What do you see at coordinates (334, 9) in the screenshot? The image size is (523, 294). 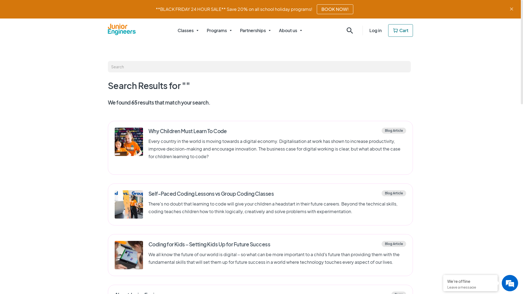 I see `'BOOK NOW!'` at bounding box center [334, 9].